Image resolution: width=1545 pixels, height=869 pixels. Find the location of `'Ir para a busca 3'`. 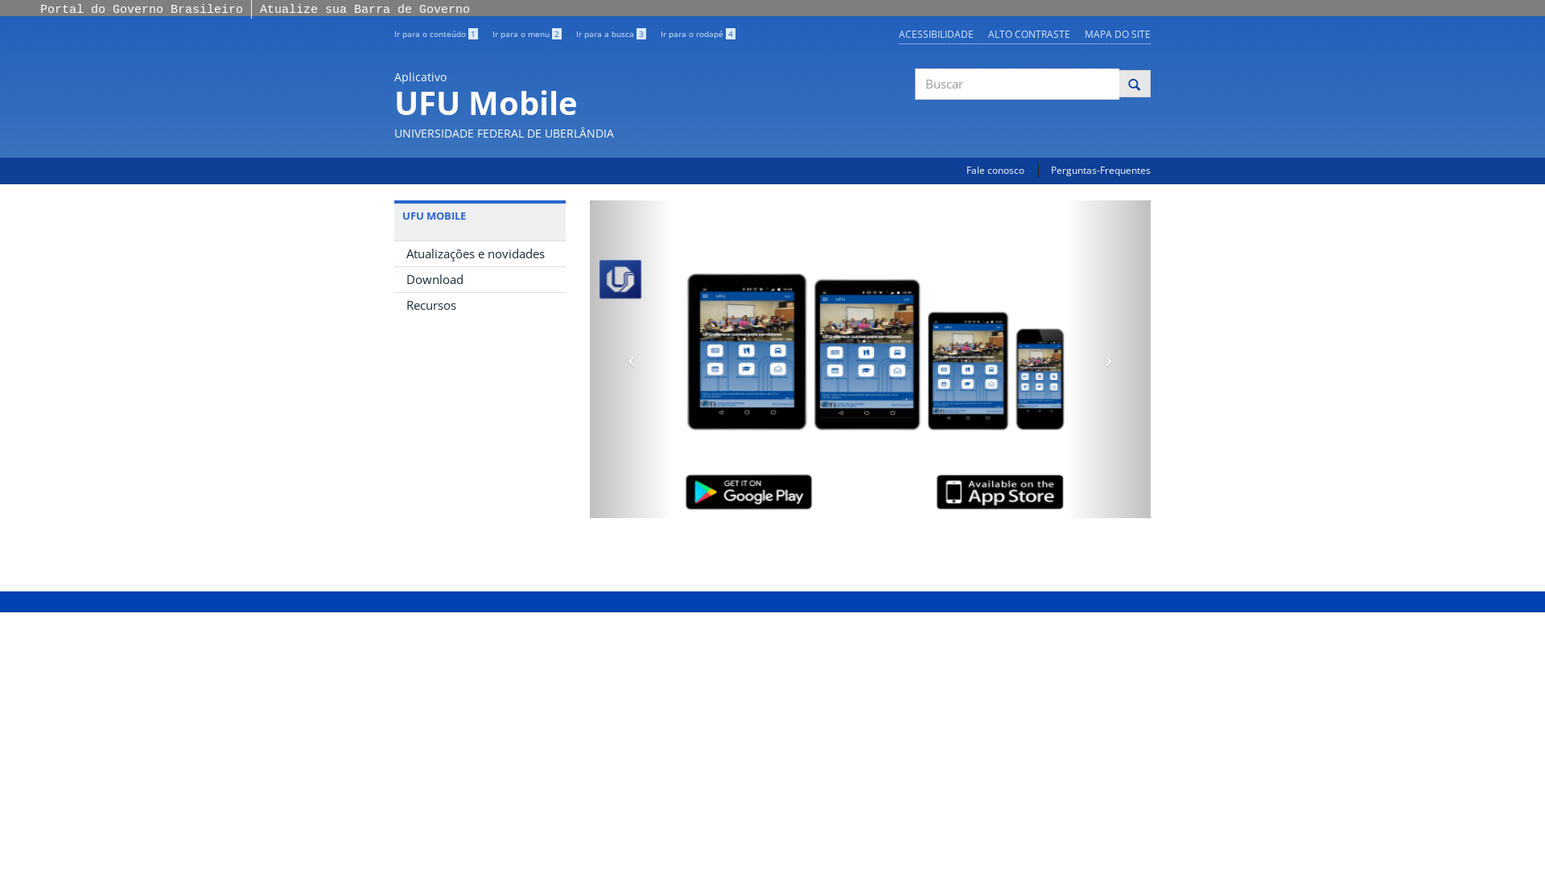

'Ir para a busca 3' is located at coordinates (610, 34).